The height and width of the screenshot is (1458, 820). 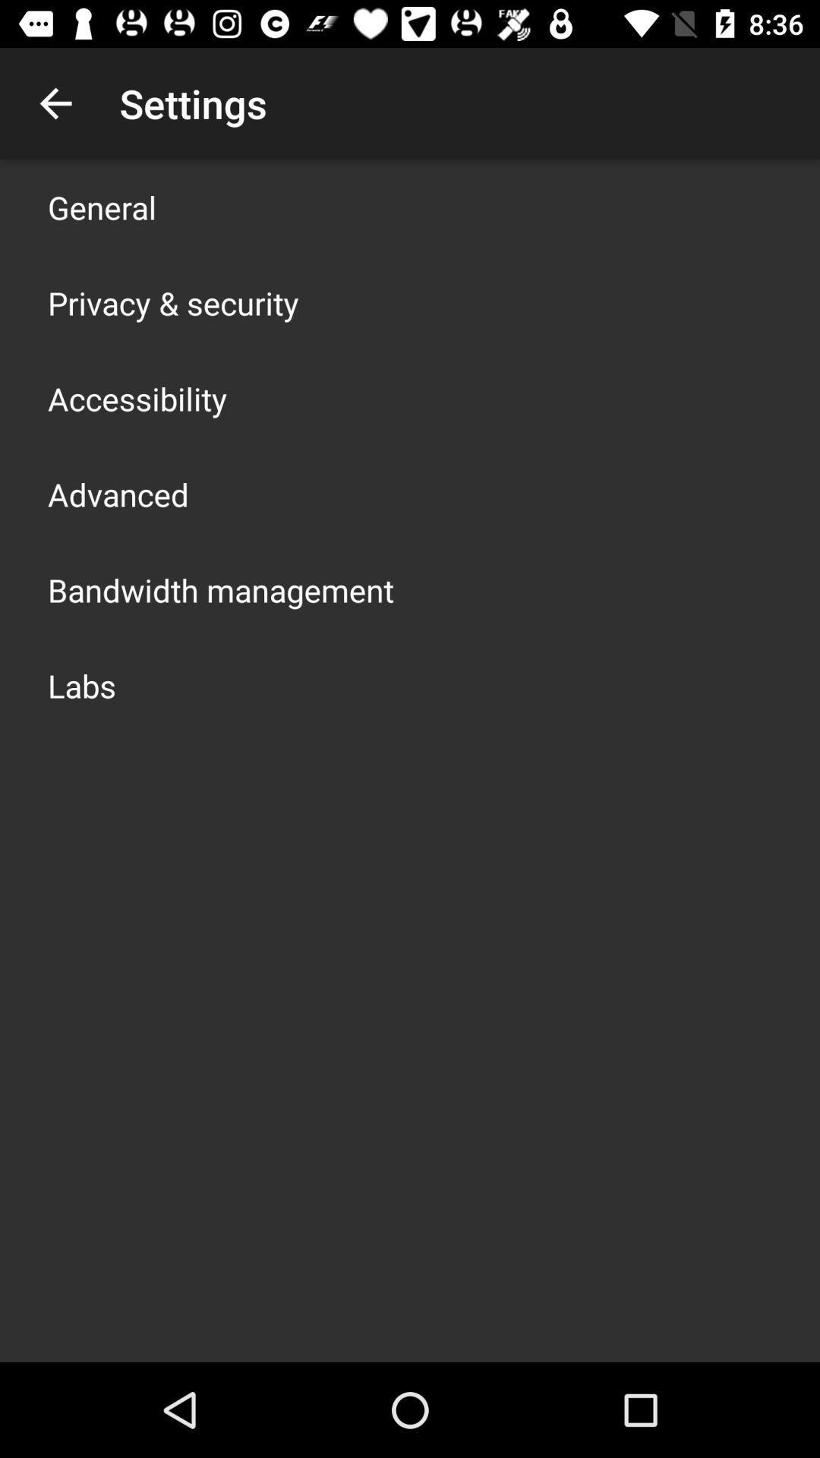 I want to click on privacy & security, so click(x=172, y=302).